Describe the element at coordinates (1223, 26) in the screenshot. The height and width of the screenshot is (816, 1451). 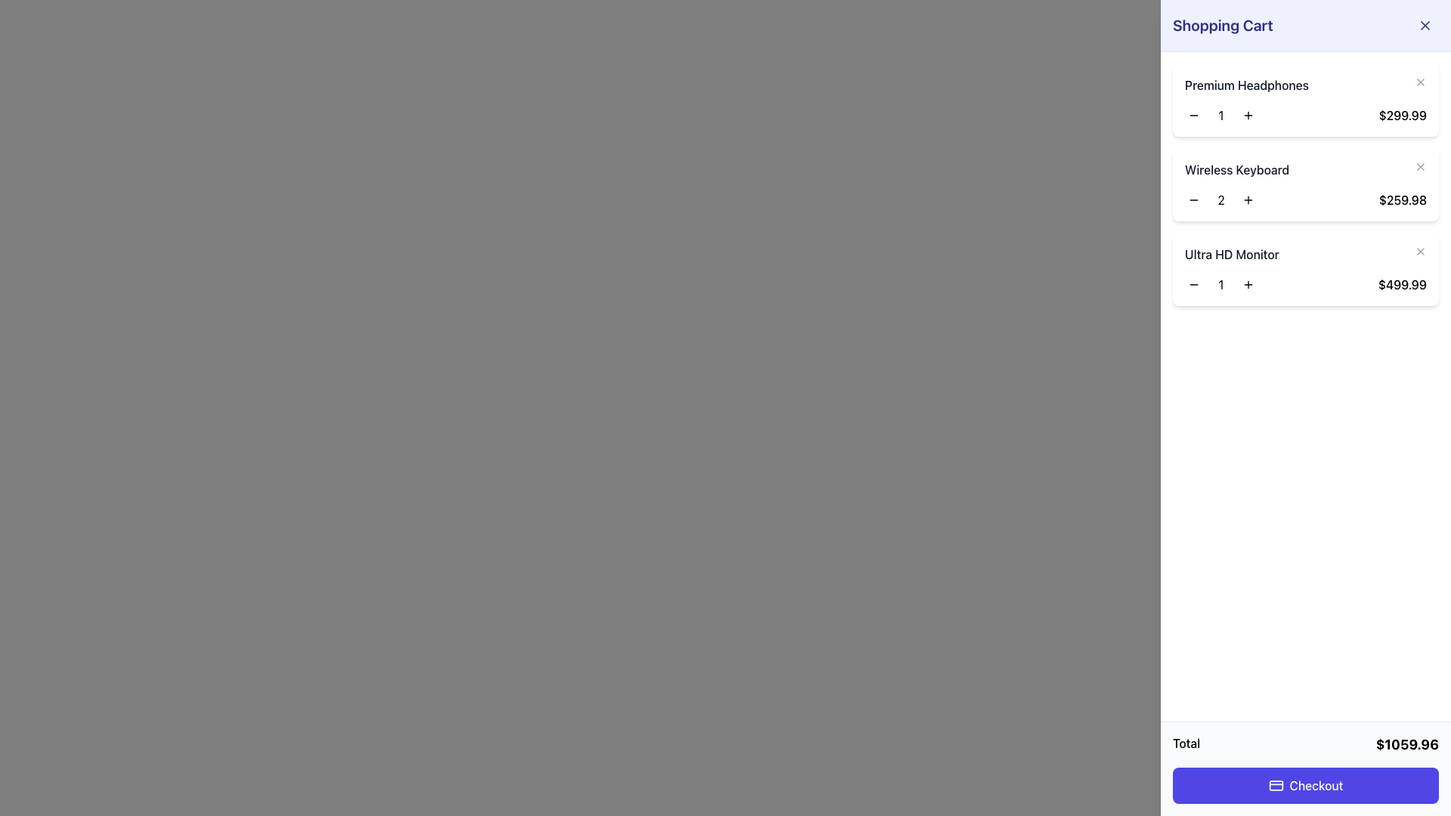
I see `the title text element in the shopping cart panel, which serves as a heading to indicate the content and purpose of the panel` at that location.